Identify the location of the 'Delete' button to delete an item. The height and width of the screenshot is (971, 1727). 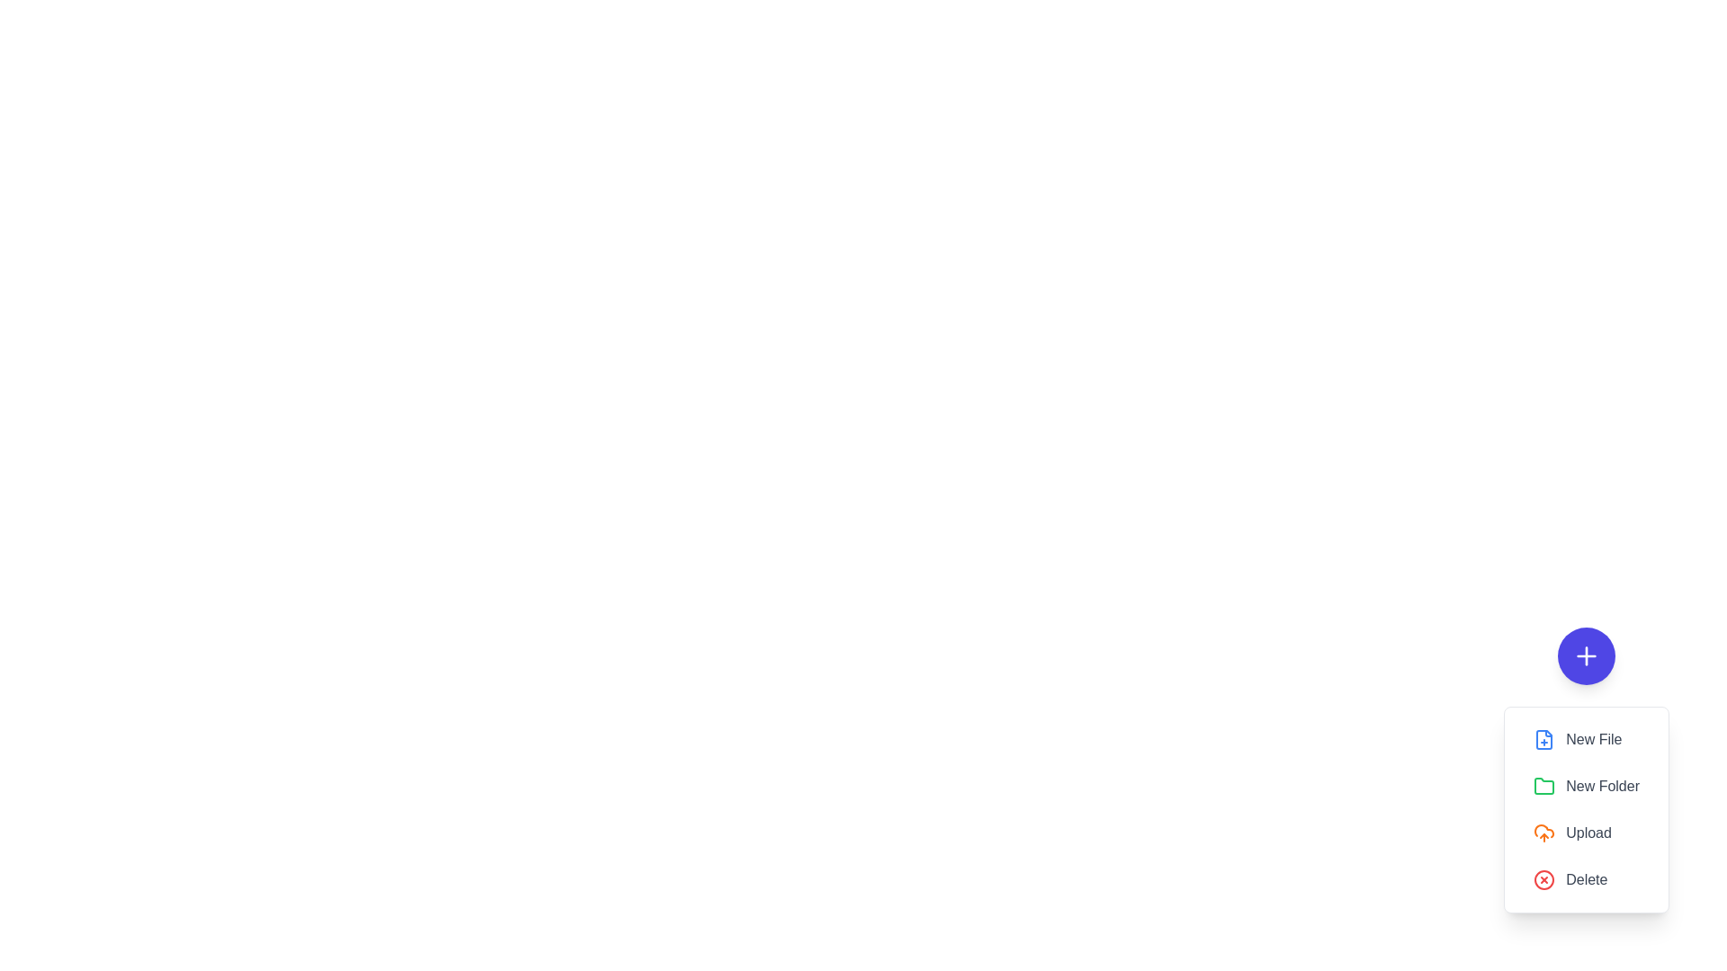
(1587, 879).